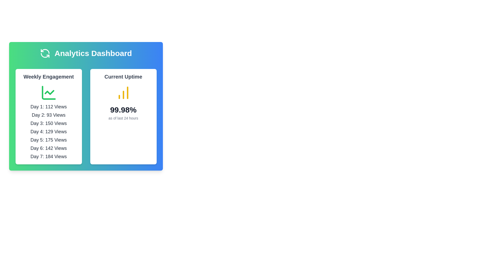 This screenshot has height=280, width=498. What do you see at coordinates (86, 53) in the screenshot?
I see `the title header of the dashboard, which serves as the first visible component indicating the overall purpose of the interface` at bounding box center [86, 53].